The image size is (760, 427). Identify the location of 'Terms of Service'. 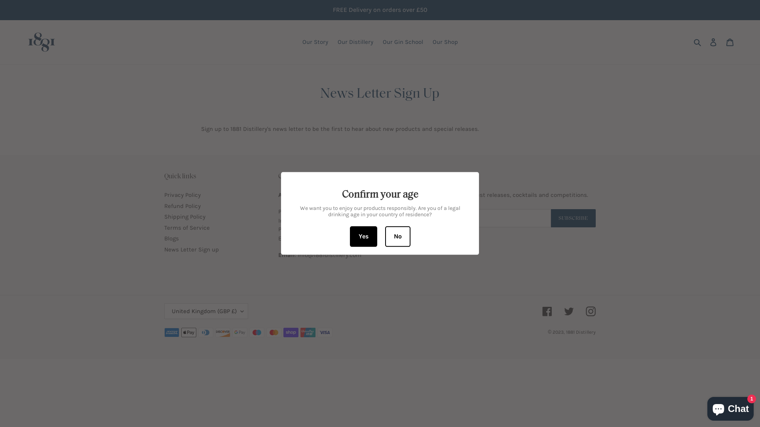
(186, 227).